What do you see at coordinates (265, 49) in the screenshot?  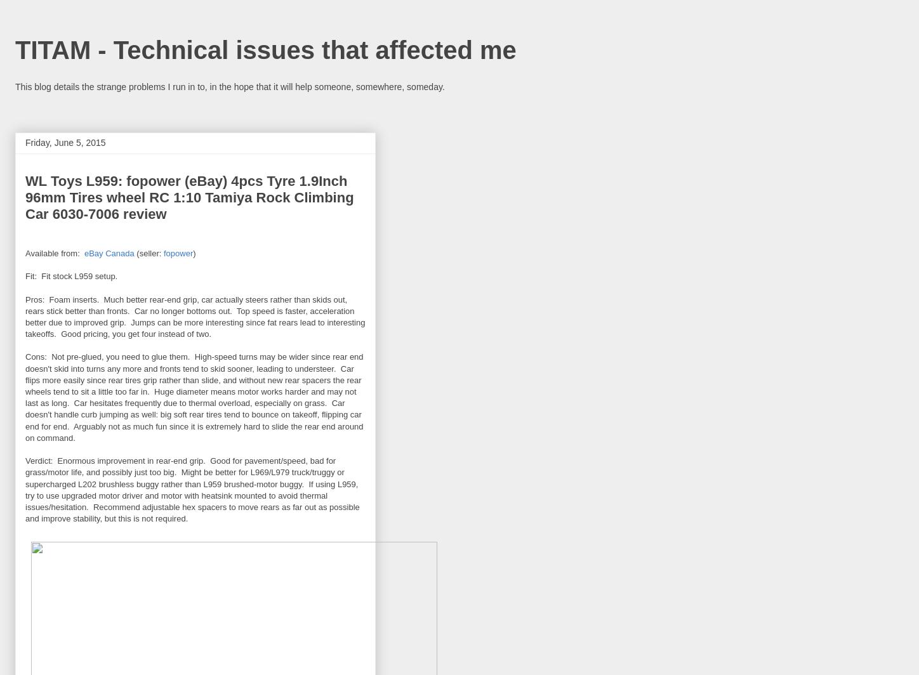 I see `'TITAM - Technical issues that affected me'` at bounding box center [265, 49].